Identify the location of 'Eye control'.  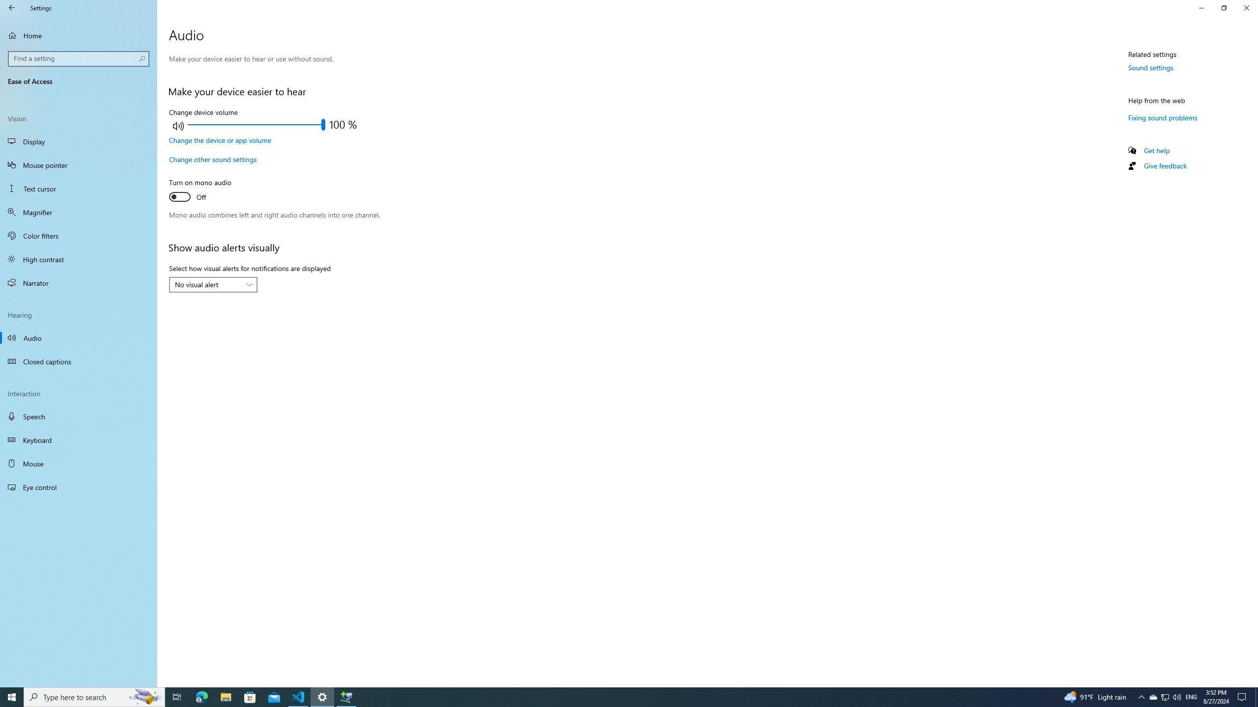
(78, 487).